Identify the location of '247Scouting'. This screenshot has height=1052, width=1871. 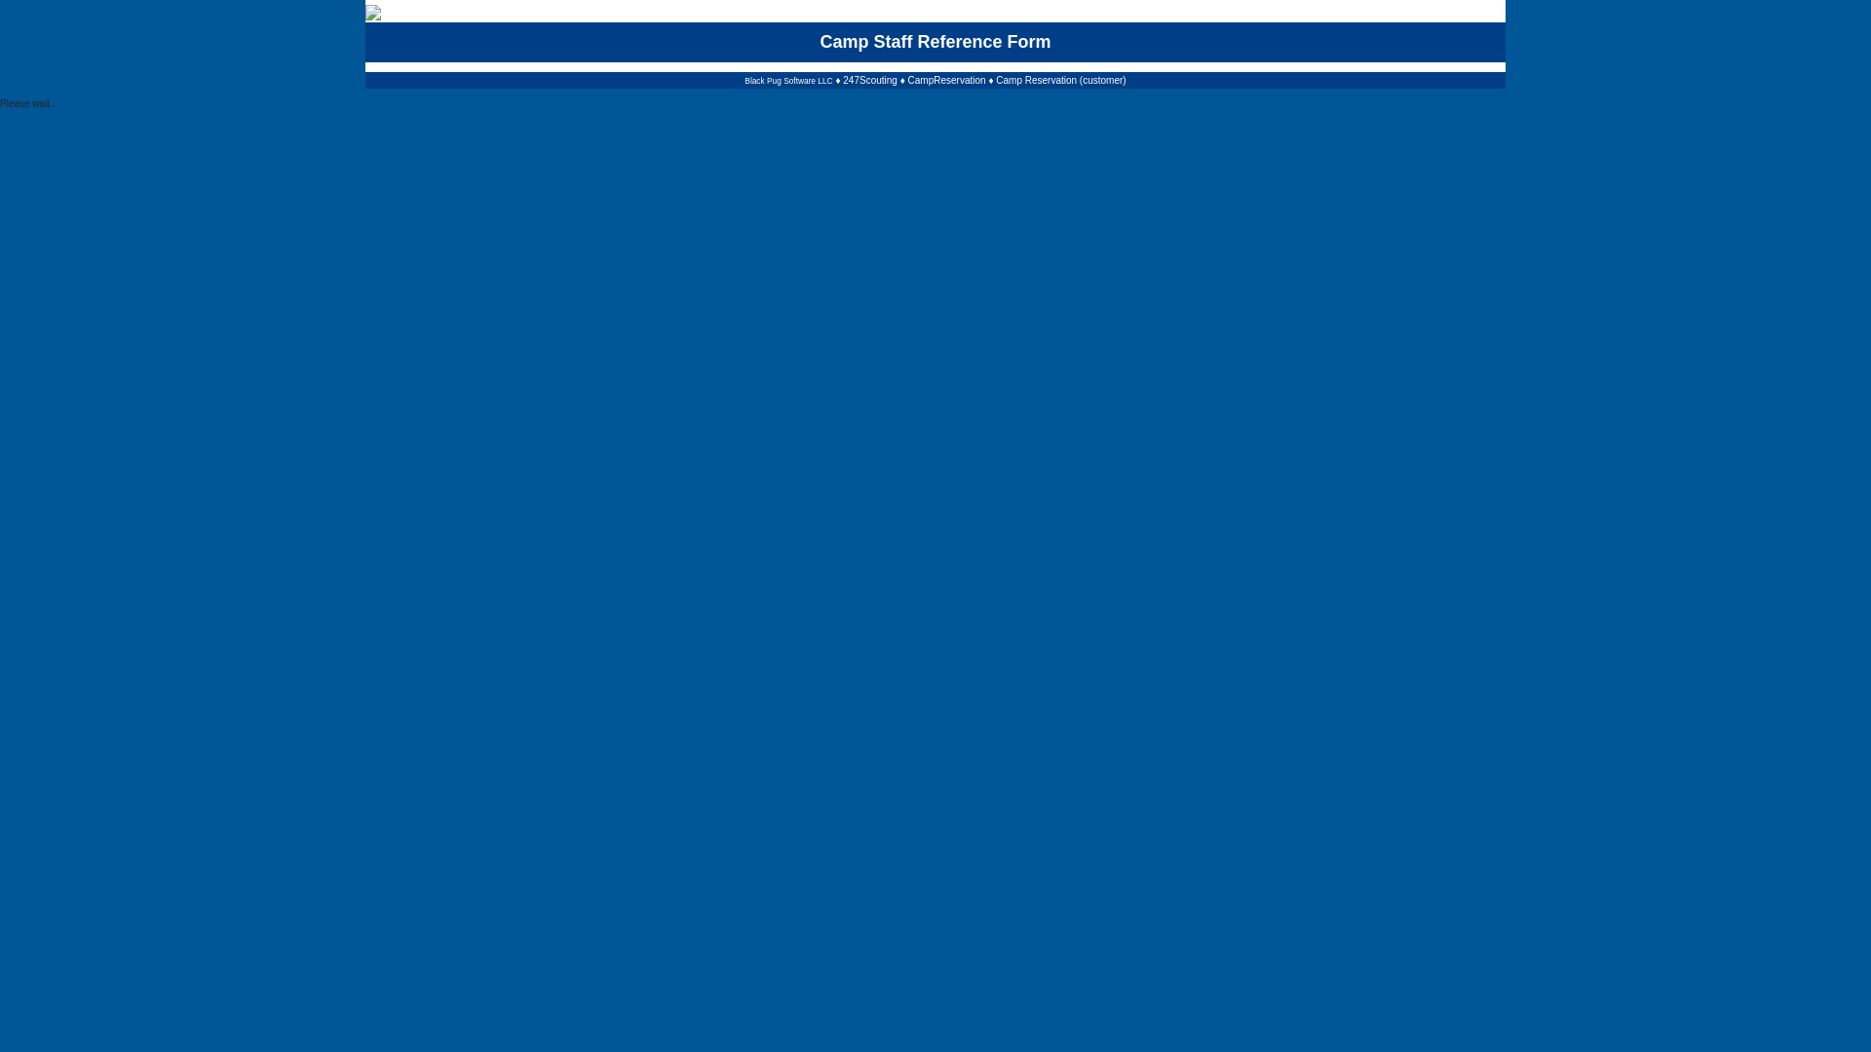
(868, 79).